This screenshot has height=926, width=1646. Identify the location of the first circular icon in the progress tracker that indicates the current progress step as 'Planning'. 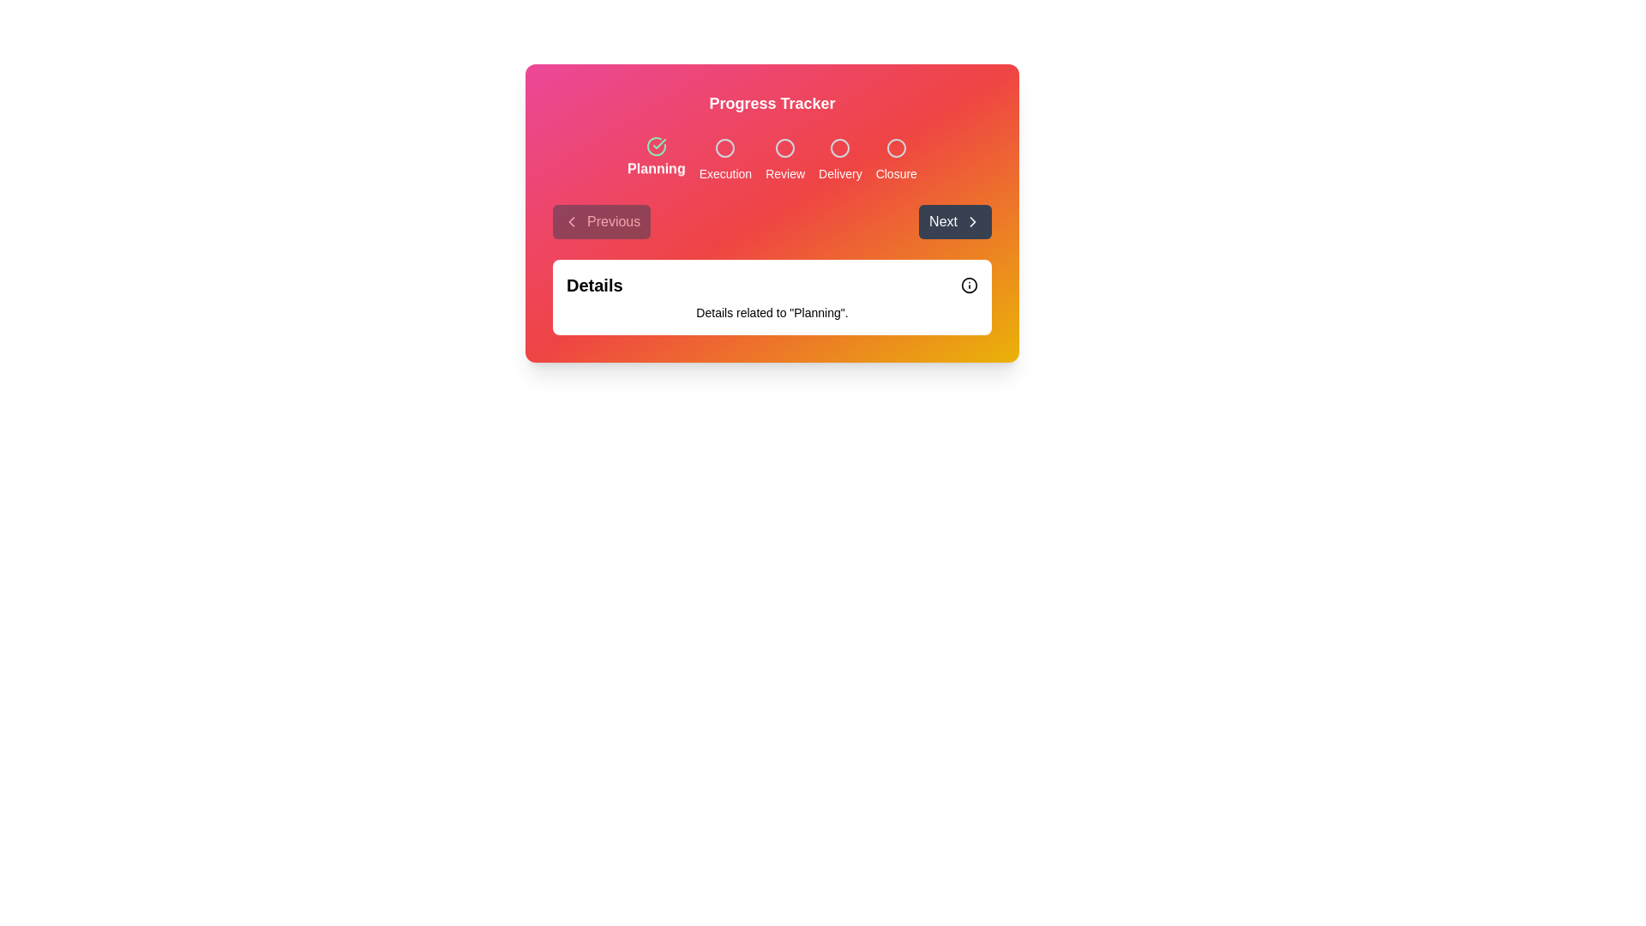
(655, 145).